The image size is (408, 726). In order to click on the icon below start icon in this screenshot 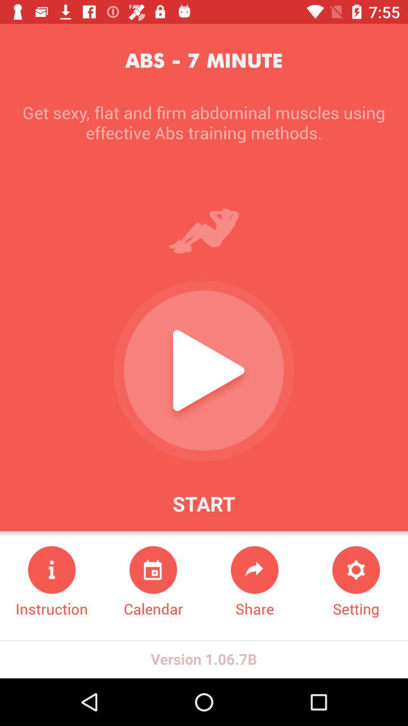, I will do `click(153, 582)`.